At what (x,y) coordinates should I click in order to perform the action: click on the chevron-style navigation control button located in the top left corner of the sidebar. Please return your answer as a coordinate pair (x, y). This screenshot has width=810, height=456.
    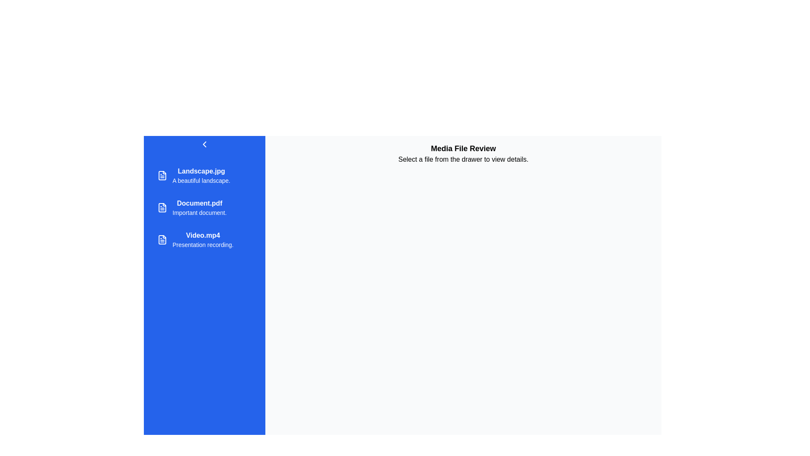
    Looking at the image, I should click on (204, 144).